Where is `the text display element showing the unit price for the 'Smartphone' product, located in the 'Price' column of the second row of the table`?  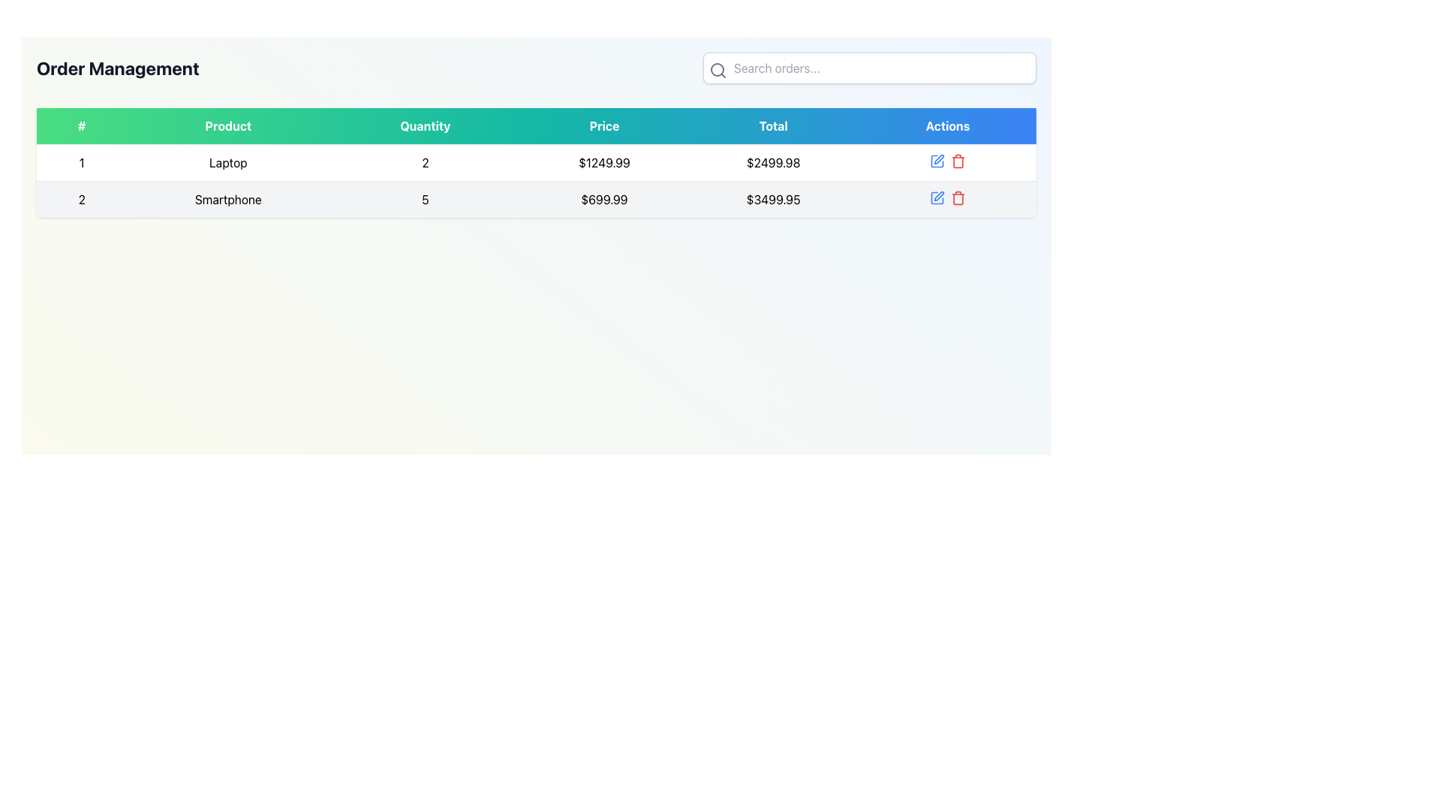
the text display element showing the unit price for the 'Smartphone' product, located in the 'Price' column of the second row of the table is located at coordinates (604, 198).